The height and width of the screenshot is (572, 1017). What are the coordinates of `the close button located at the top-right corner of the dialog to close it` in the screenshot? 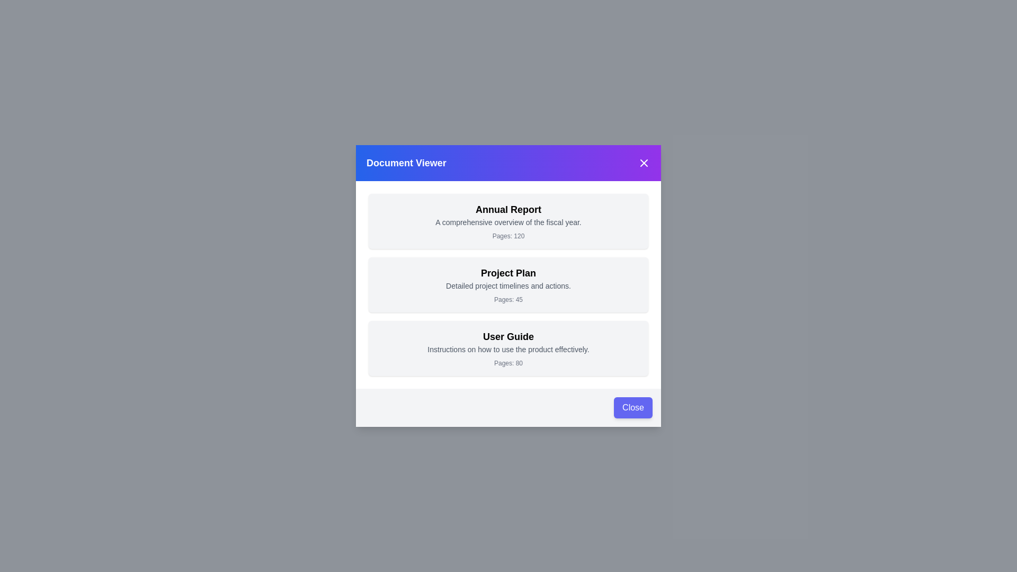 It's located at (643, 163).